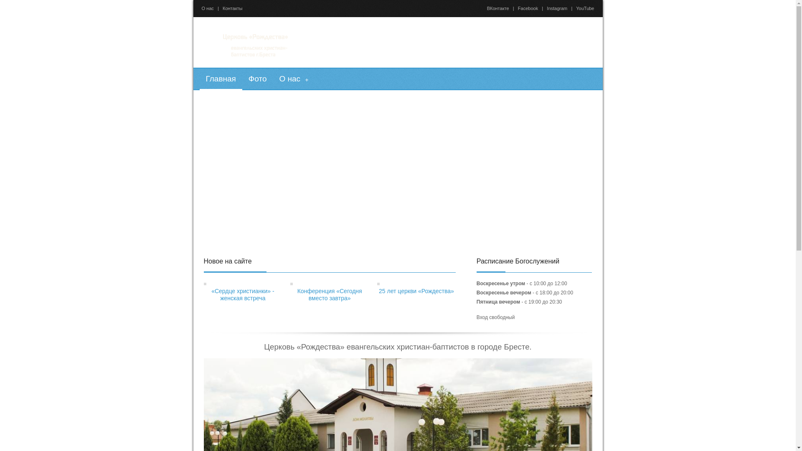  I want to click on 'Facebook', so click(527, 8).